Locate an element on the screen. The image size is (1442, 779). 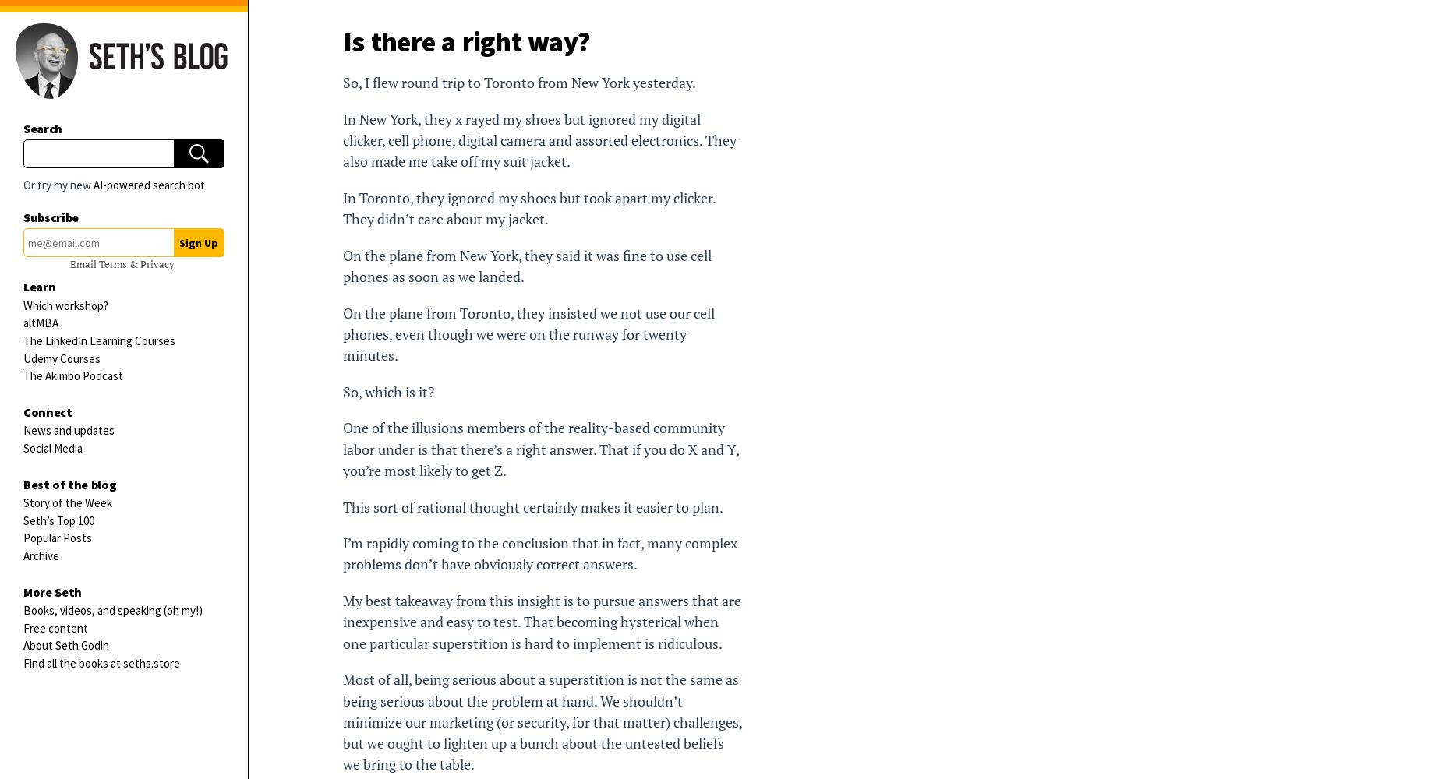
'Seth’s Top 100' is located at coordinates (58, 520).